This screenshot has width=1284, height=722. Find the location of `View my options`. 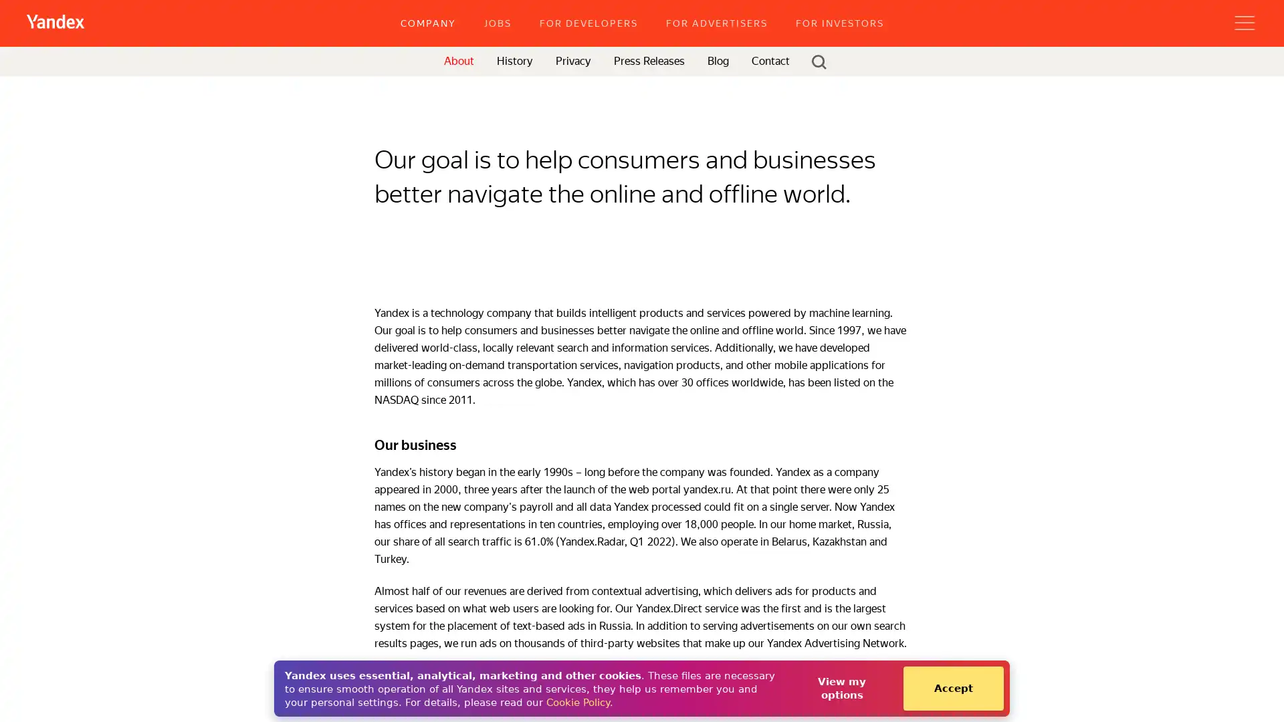

View my options is located at coordinates (841, 688).